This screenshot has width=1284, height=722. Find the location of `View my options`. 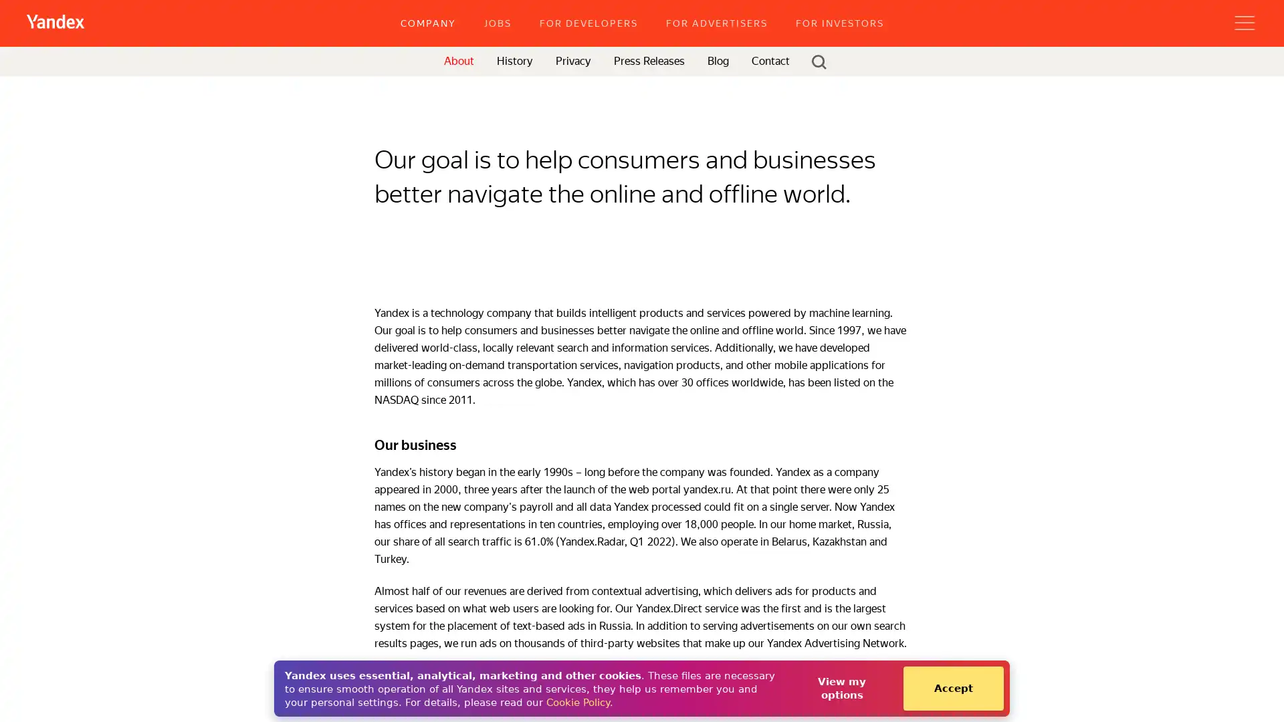

View my options is located at coordinates (841, 688).